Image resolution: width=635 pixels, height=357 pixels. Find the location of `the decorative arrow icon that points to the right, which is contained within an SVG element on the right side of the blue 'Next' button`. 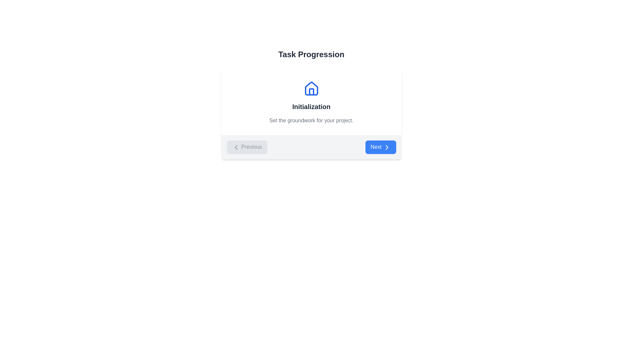

the decorative arrow icon that points to the right, which is contained within an SVG element on the right side of the blue 'Next' button is located at coordinates (387, 147).